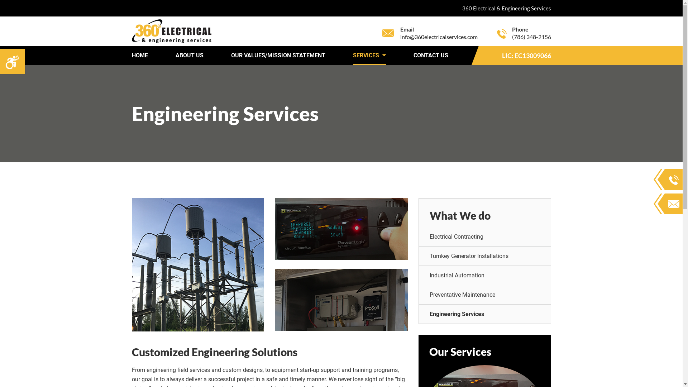  Describe the element at coordinates (230, 55) in the screenshot. I see `'OUR VALUES/MISSION STATEMENT'` at that location.